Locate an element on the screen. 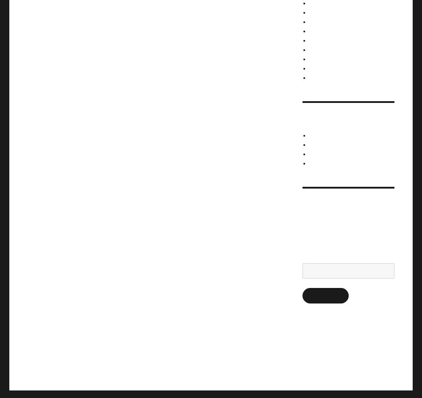 The image size is (422, 398). 'Subscribe to Blog via Email' is located at coordinates (343, 206).